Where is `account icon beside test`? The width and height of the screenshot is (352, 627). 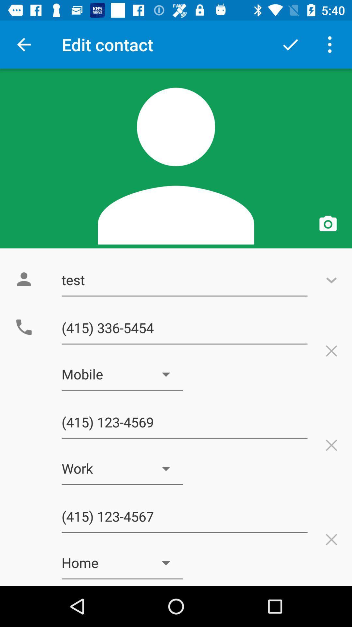 account icon beside test is located at coordinates (23, 279).